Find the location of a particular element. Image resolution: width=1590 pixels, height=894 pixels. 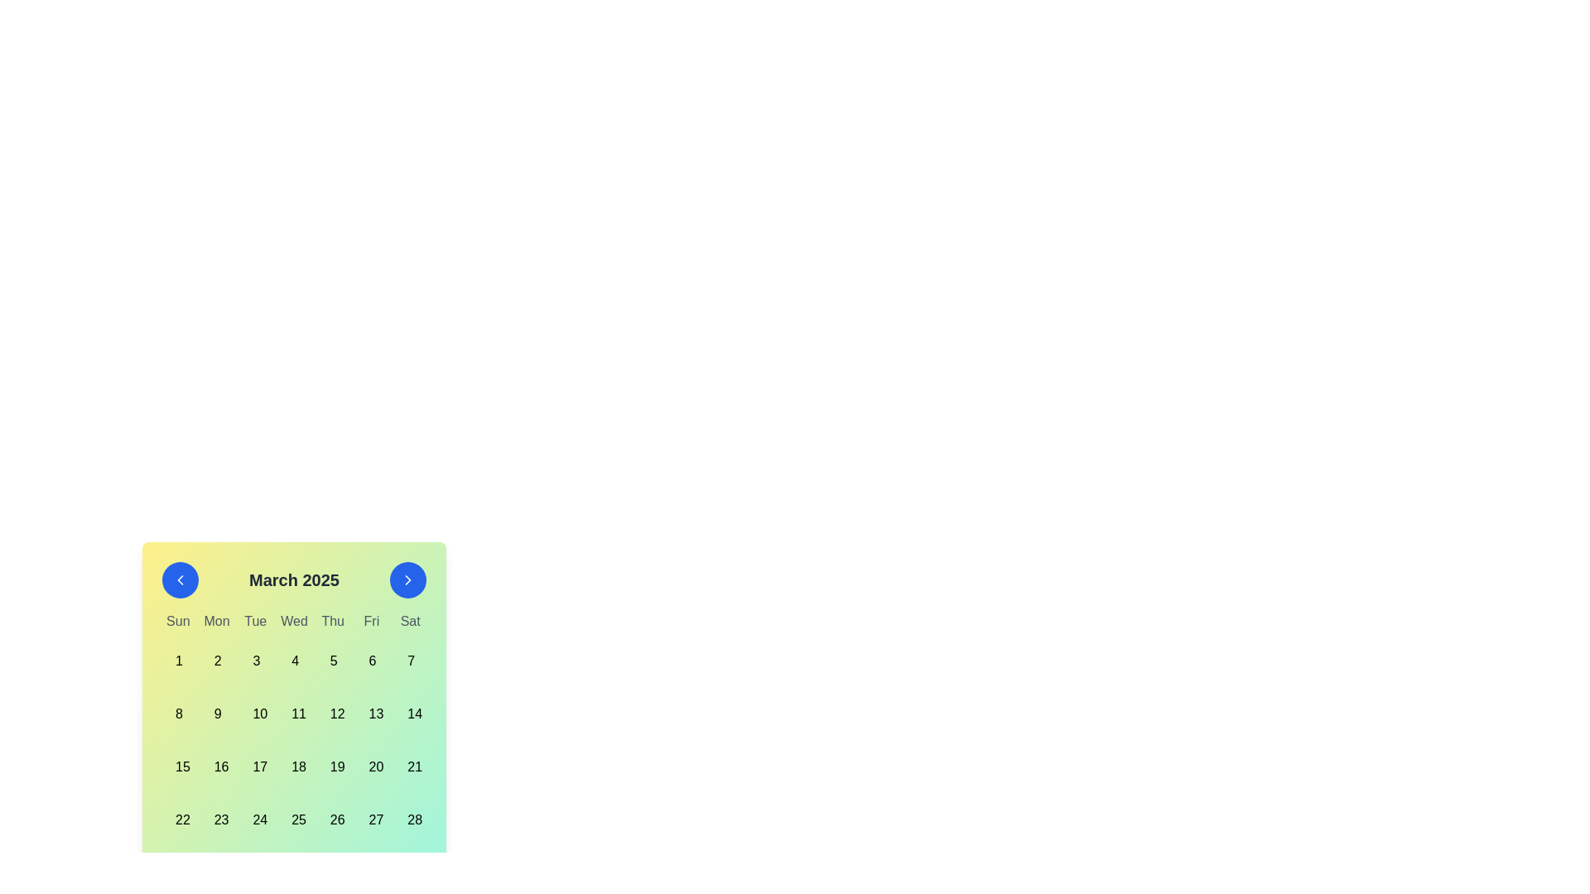

the text label displaying 'Sun' which is the first column header in the calendar grid layout is located at coordinates (178, 622).